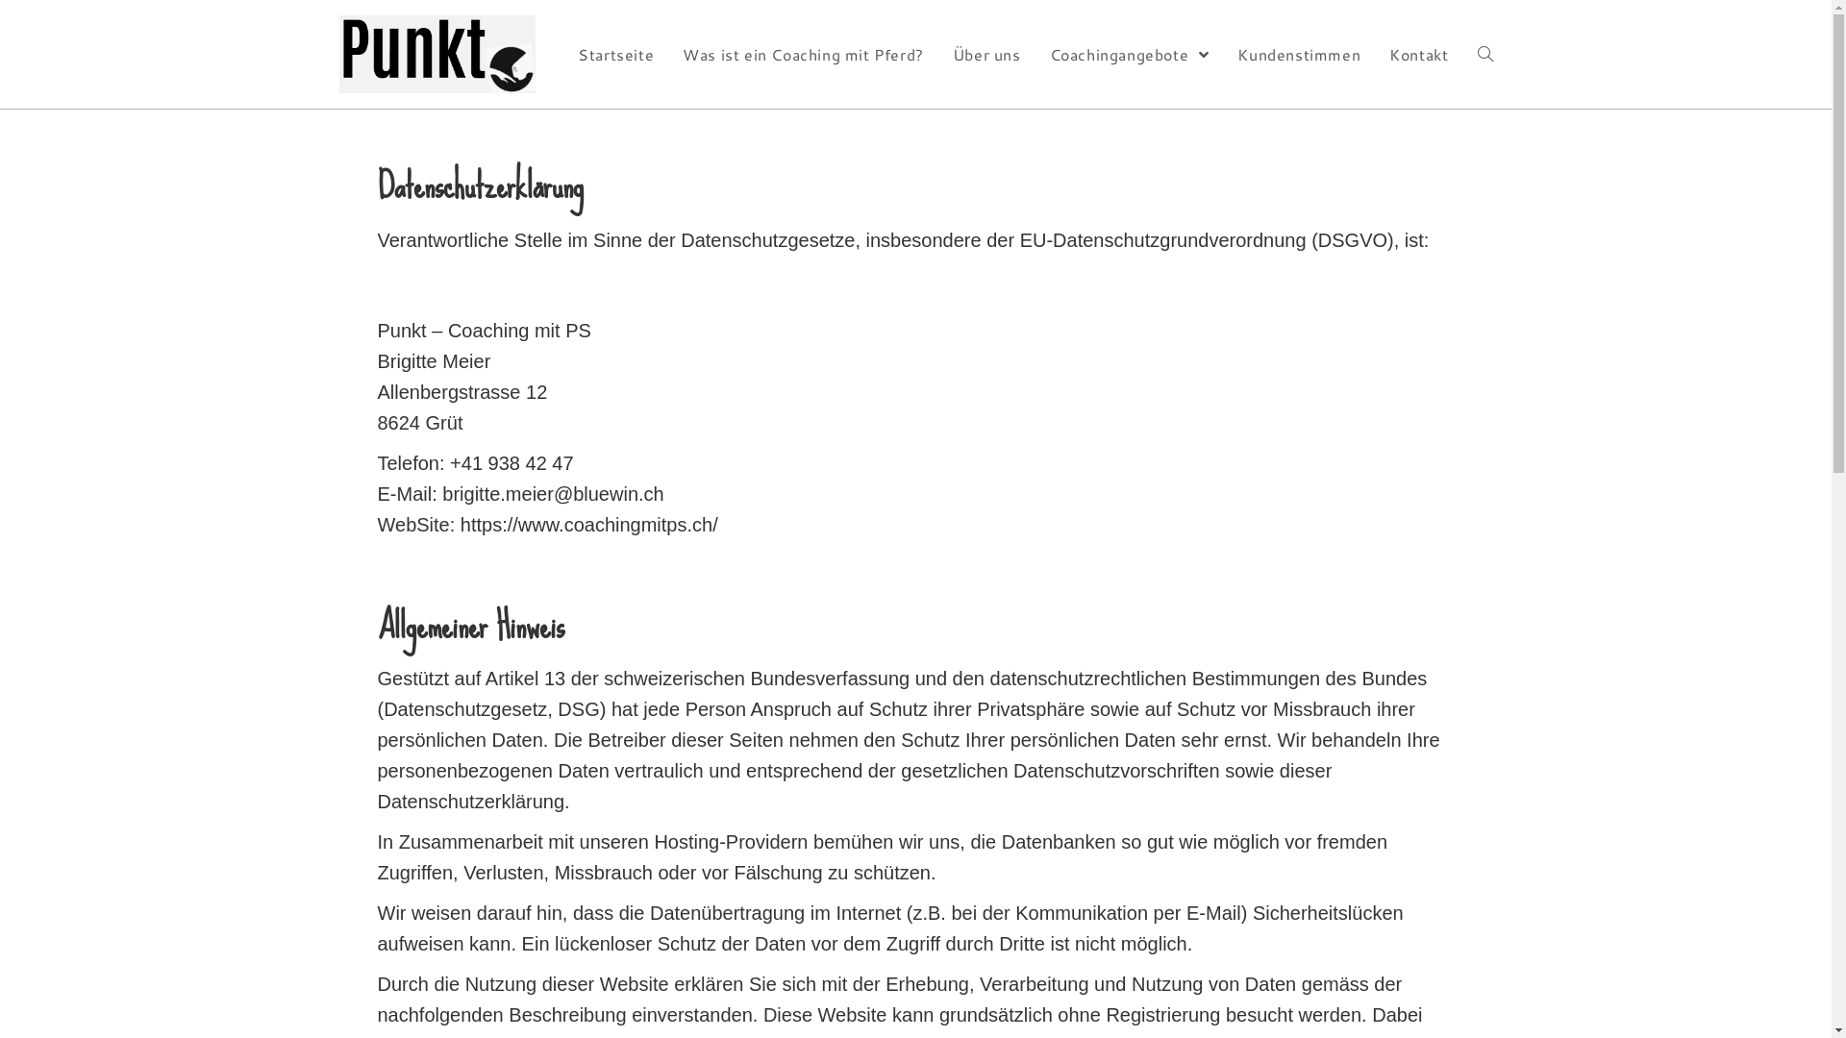  Describe the element at coordinates (1298, 53) in the screenshot. I see `'Kundenstimmen'` at that location.